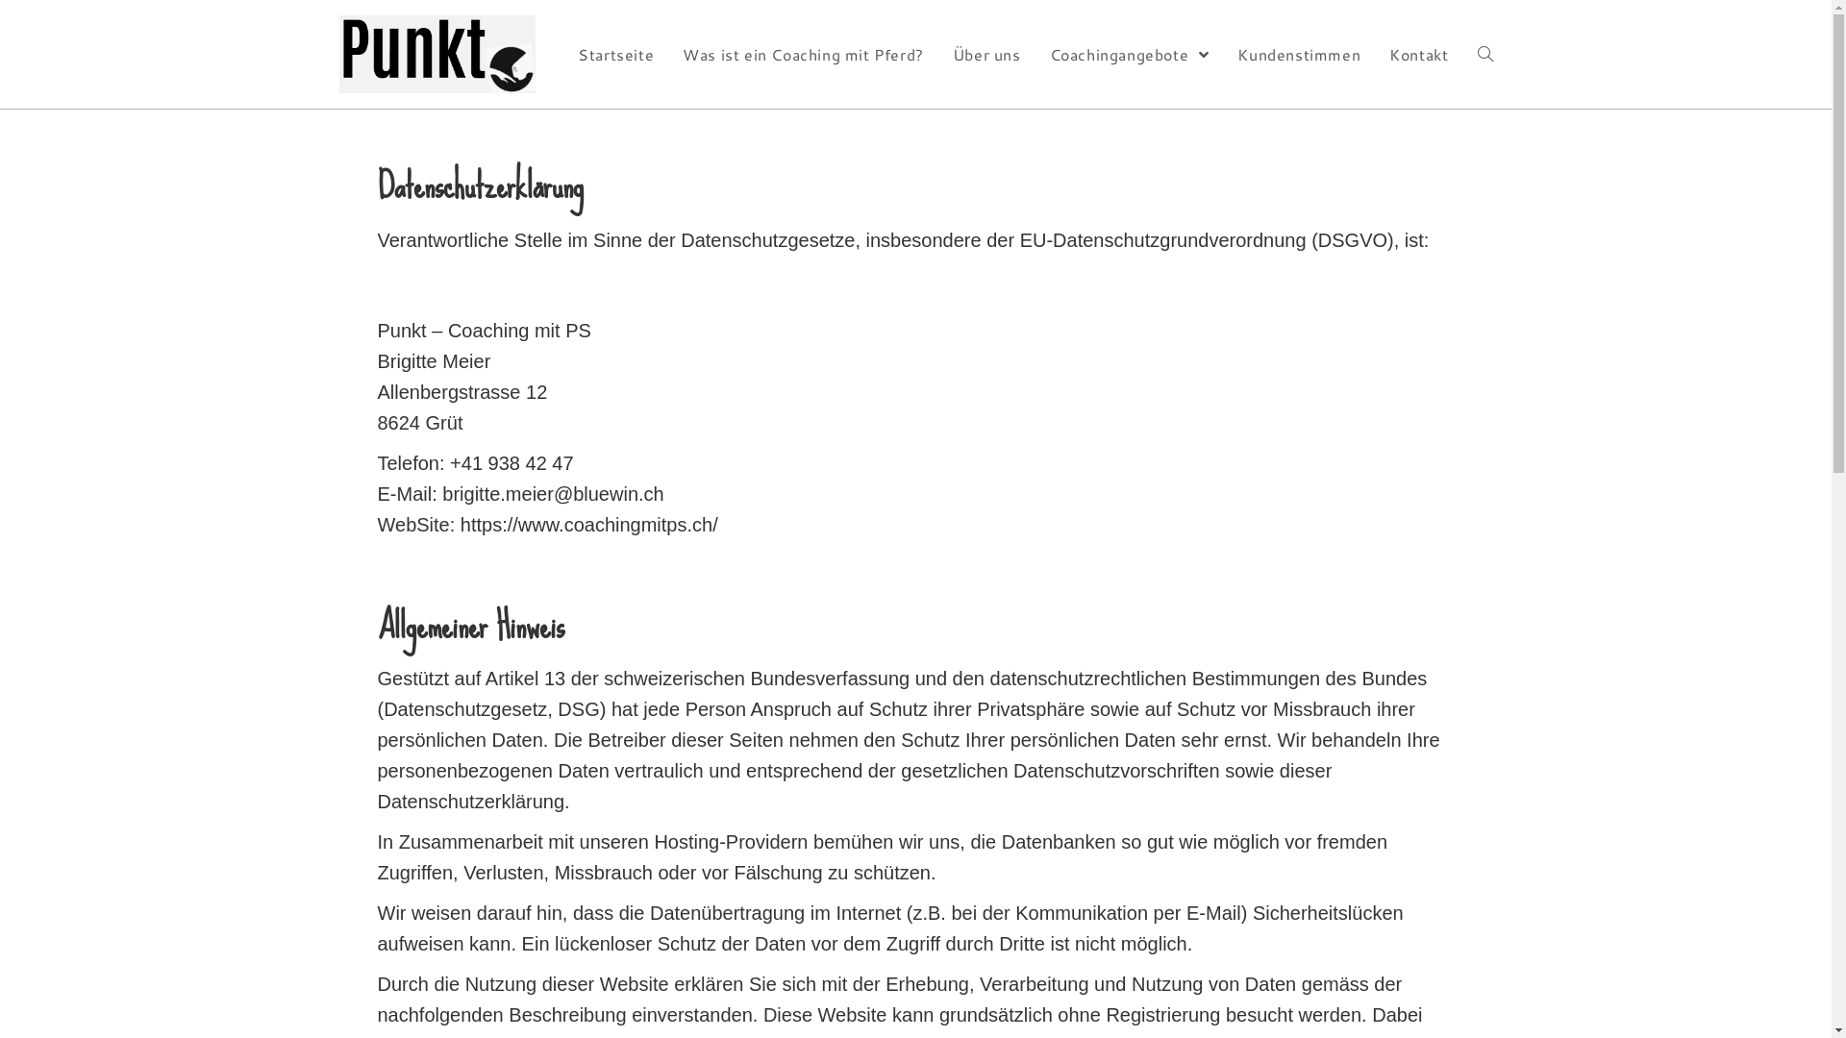  Describe the element at coordinates (1298, 53) in the screenshot. I see `'Kundenstimmen'` at that location.